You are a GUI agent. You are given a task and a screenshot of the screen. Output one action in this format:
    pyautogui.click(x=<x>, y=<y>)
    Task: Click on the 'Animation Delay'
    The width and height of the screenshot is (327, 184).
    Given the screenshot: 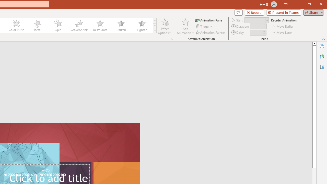 What is the action you would take?
    pyautogui.click(x=256, y=32)
    